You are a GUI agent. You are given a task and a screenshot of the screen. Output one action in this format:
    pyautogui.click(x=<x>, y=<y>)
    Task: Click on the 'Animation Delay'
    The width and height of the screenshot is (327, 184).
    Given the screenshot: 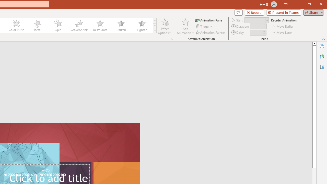 What is the action you would take?
    pyautogui.click(x=256, y=32)
    